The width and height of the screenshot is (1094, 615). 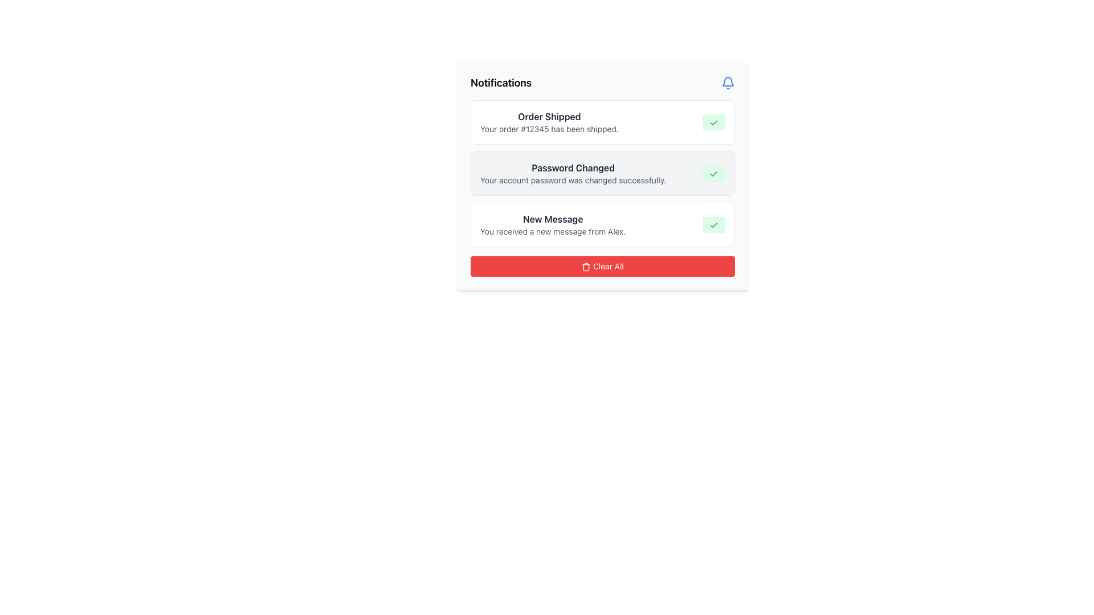 I want to click on the notifications bell icon located in the top-right corner of the Notifications section, so click(x=727, y=83).